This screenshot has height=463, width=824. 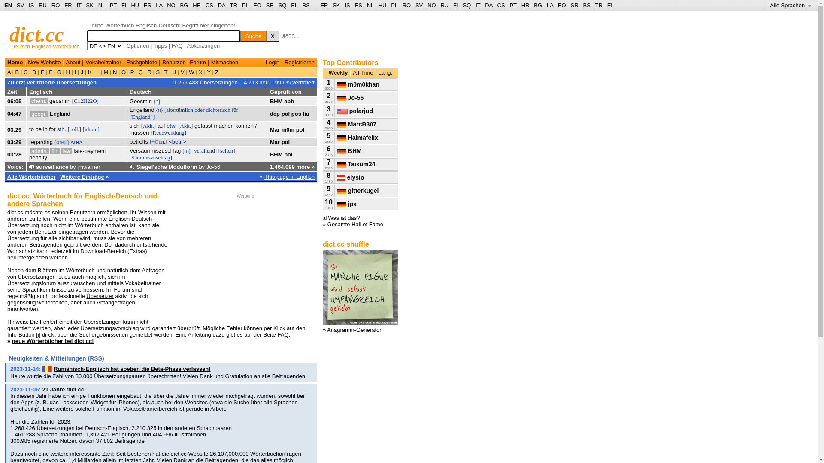 I want to click on 'Login', so click(x=272, y=62).